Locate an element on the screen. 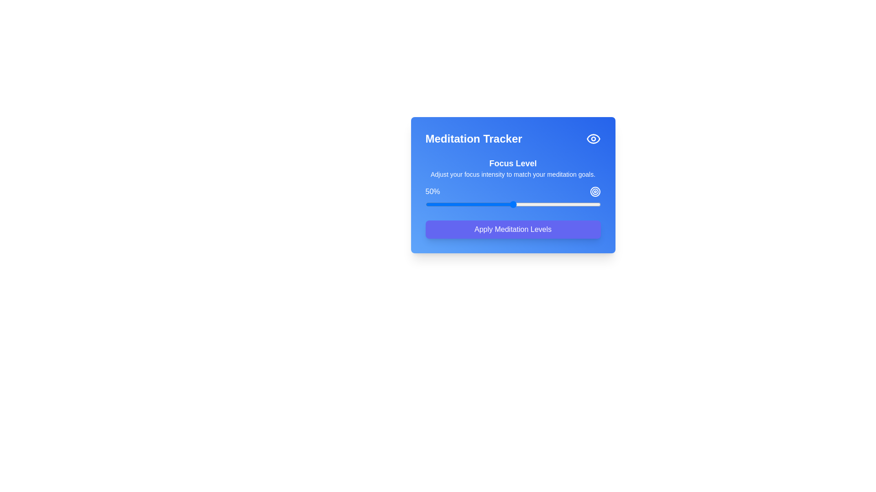 The width and height of the screenshot is (876, 492). the text label that instructs users to adjust their focus intensity, which is situated below the 'Focus Level' header and above the '50%' display is located at coordinates (513, 174).